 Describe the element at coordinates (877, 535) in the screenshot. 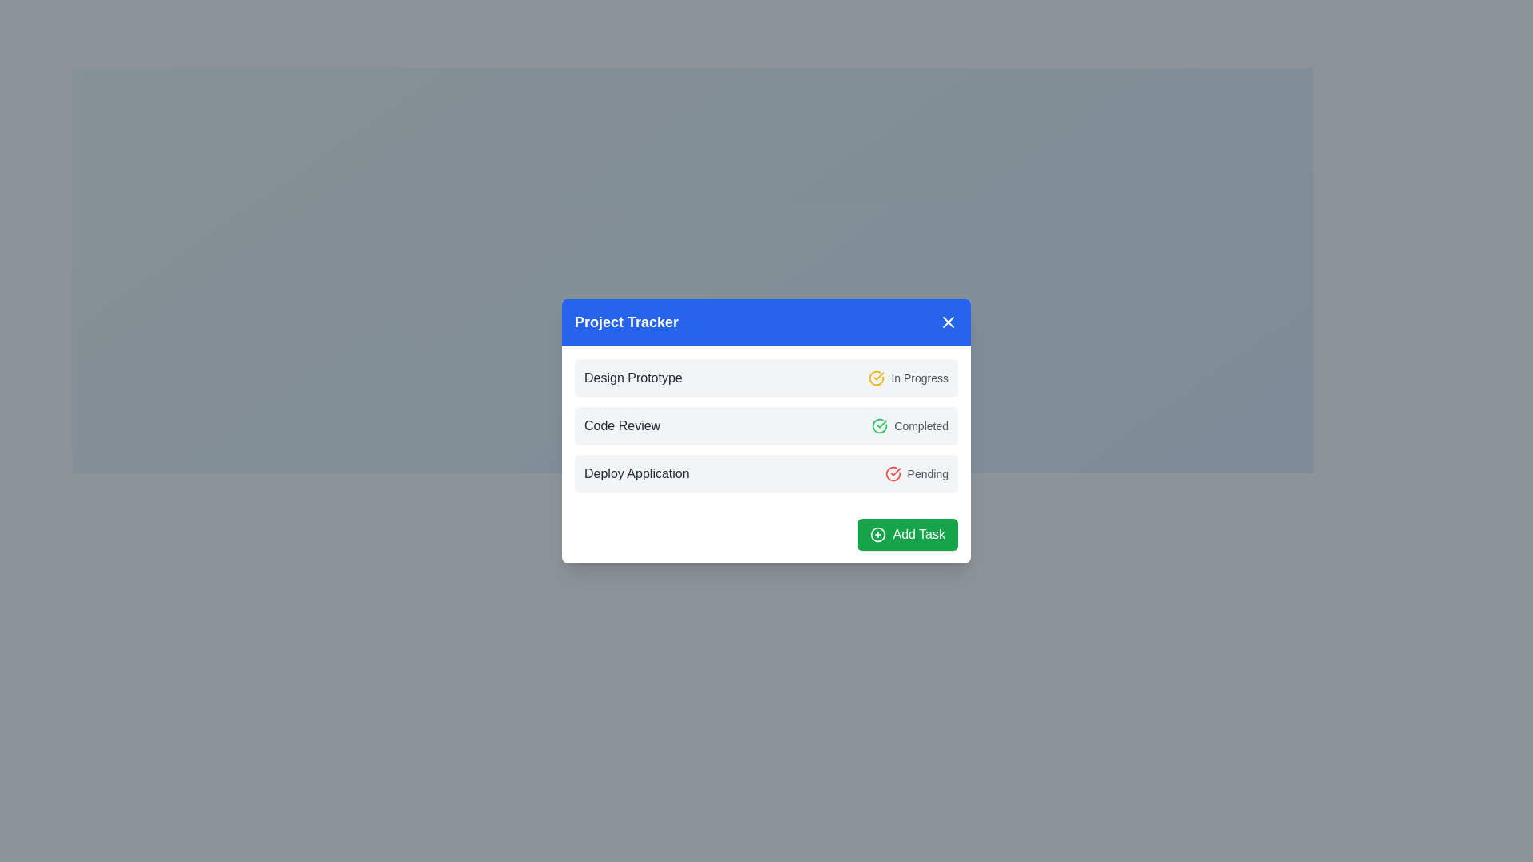

I see `the graphic icon or button embellishment located in the bottom-right portion of the 'Add Task' button, which symbolizes an 'add' or 'create' function` at that location.